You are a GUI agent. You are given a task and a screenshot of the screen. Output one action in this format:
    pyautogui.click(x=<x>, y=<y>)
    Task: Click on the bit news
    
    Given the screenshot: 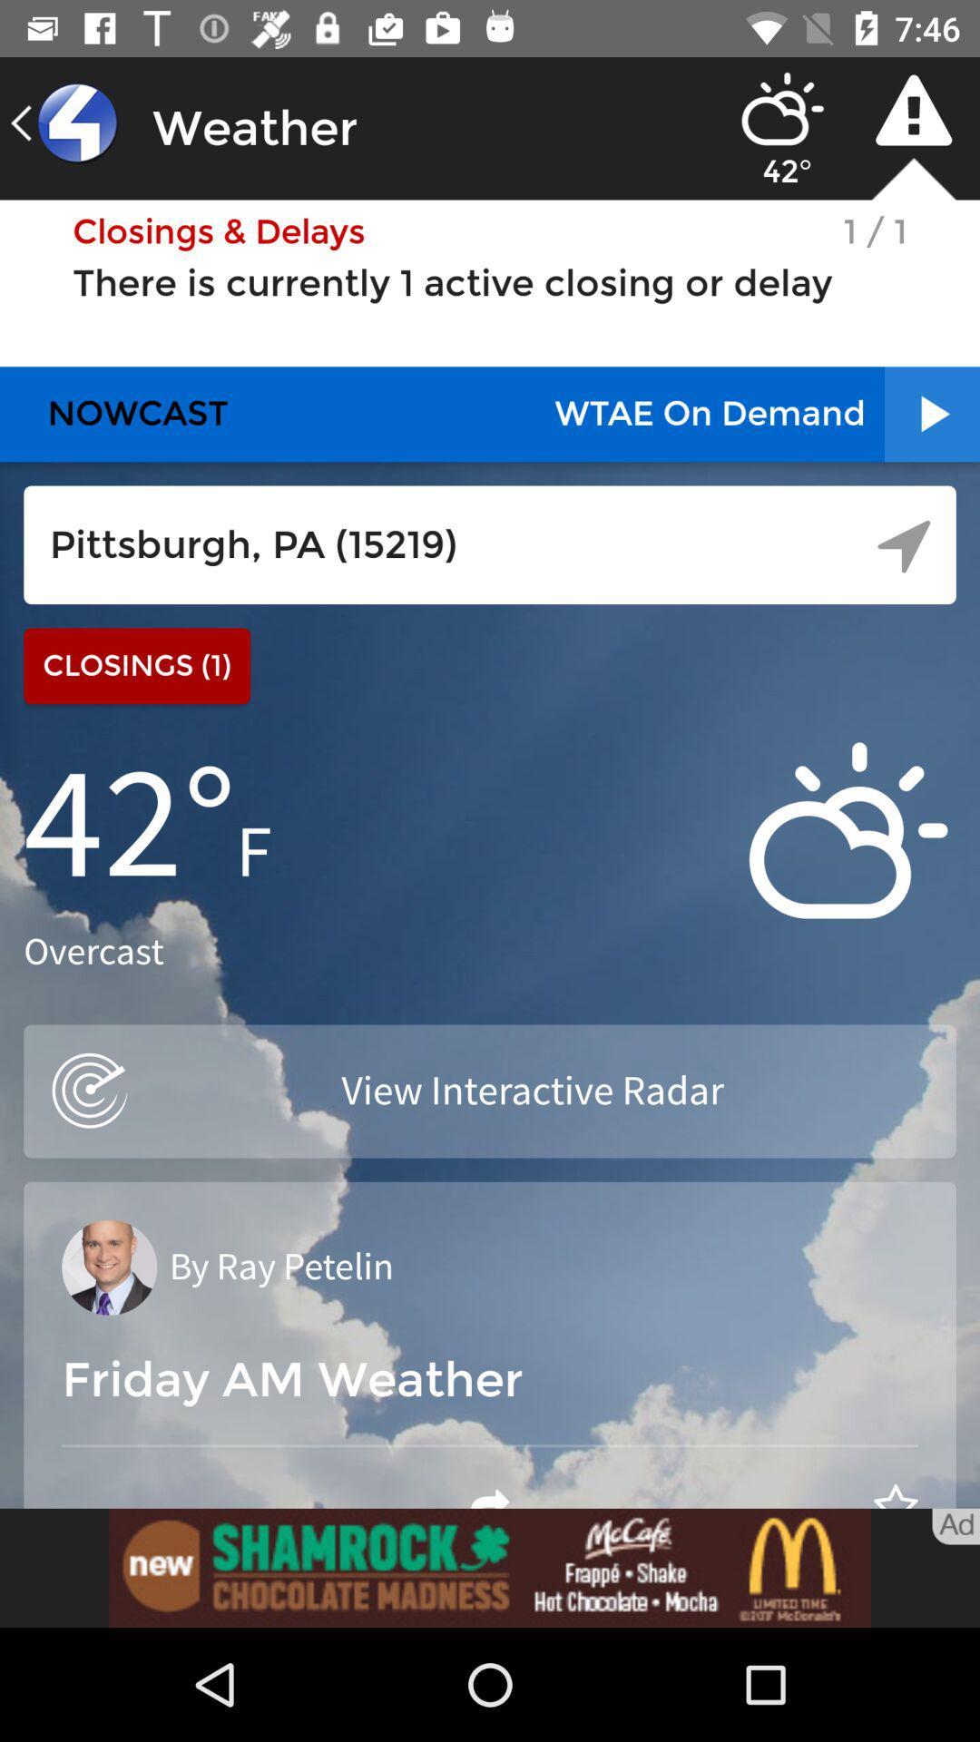 What is the action you would take?
    pyautogui.click(x=490, y=1567)
    